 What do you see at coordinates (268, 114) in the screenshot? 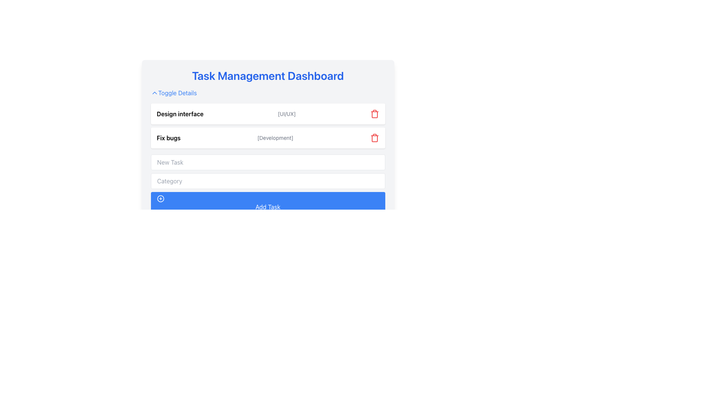
I see `the task description by clicking on the 'Design interface' task card located in the upper section of the Task Management Dashboard` at bounding box center [268, 114].